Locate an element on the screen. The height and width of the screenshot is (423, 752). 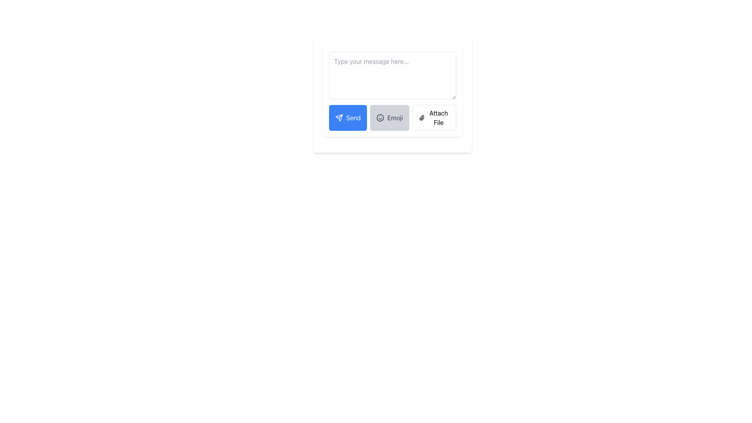
the 'Attach File' button, which is a rectangular button with a paperclip icon, located to the far right below a text input box is located at coordinates (434, 117).